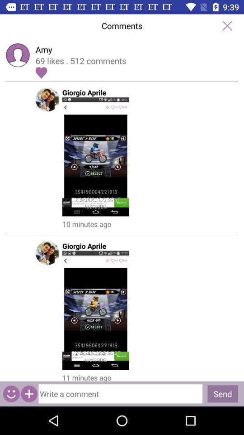  I want to click on comment, so click(120, 393).